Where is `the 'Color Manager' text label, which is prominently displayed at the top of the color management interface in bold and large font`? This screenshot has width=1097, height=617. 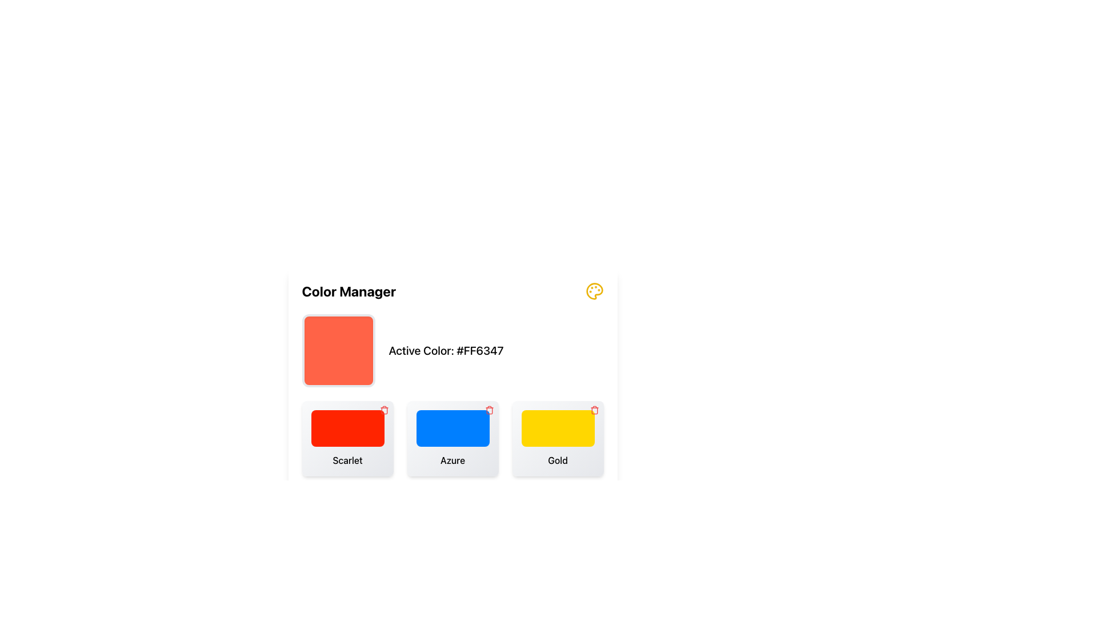 the 'Color Manager' text label, which is prominently displayed at the top of the color management interface in bold and large font is located at coordinates (348, 290).